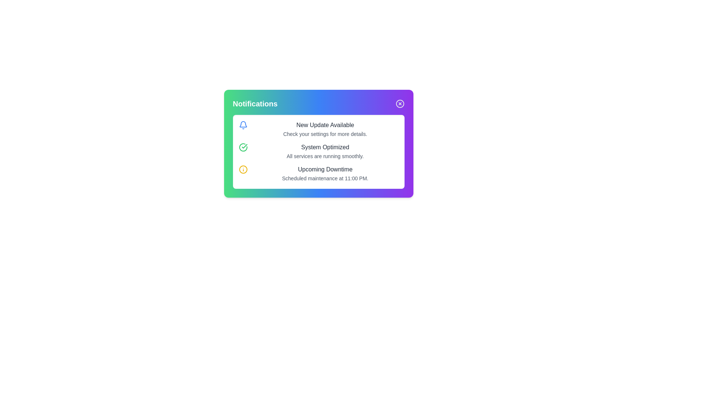 This screenshot has height=399, width=710. Describe the element at coordinates (244, 146) in the screenshot. I see `checkmark icon within the SVG graphic located in the notifications panel, which indicates a successful state` at that location.